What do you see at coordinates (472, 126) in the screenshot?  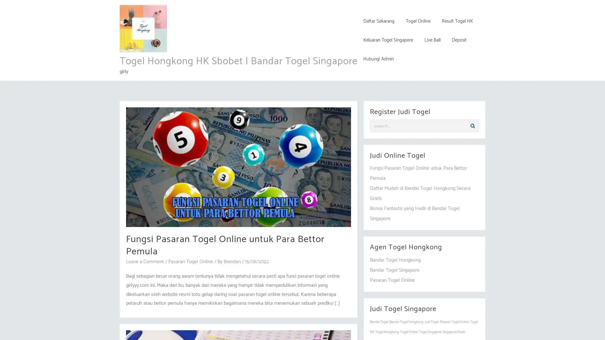 I see `Search` at bounding box center [472, 126].